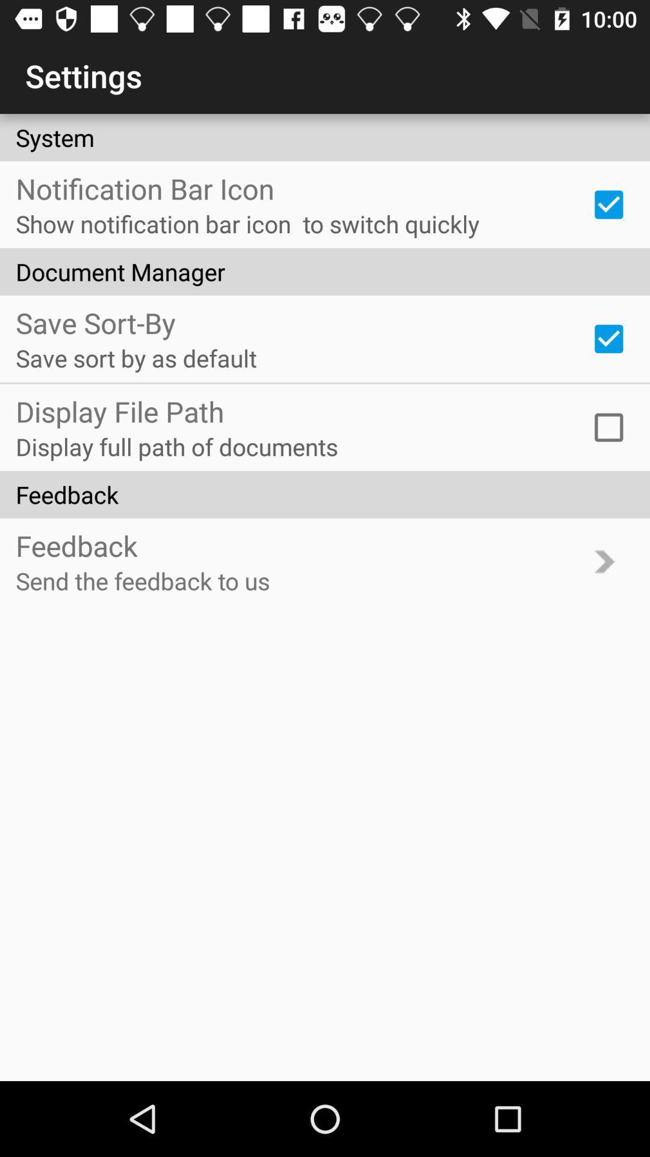 Image resolution: width=650 pixels, height=1157 pixels. Describe the element at coordinates (608, 338) in the screenshot. I see `item to the right of save sort by icon` at that location.